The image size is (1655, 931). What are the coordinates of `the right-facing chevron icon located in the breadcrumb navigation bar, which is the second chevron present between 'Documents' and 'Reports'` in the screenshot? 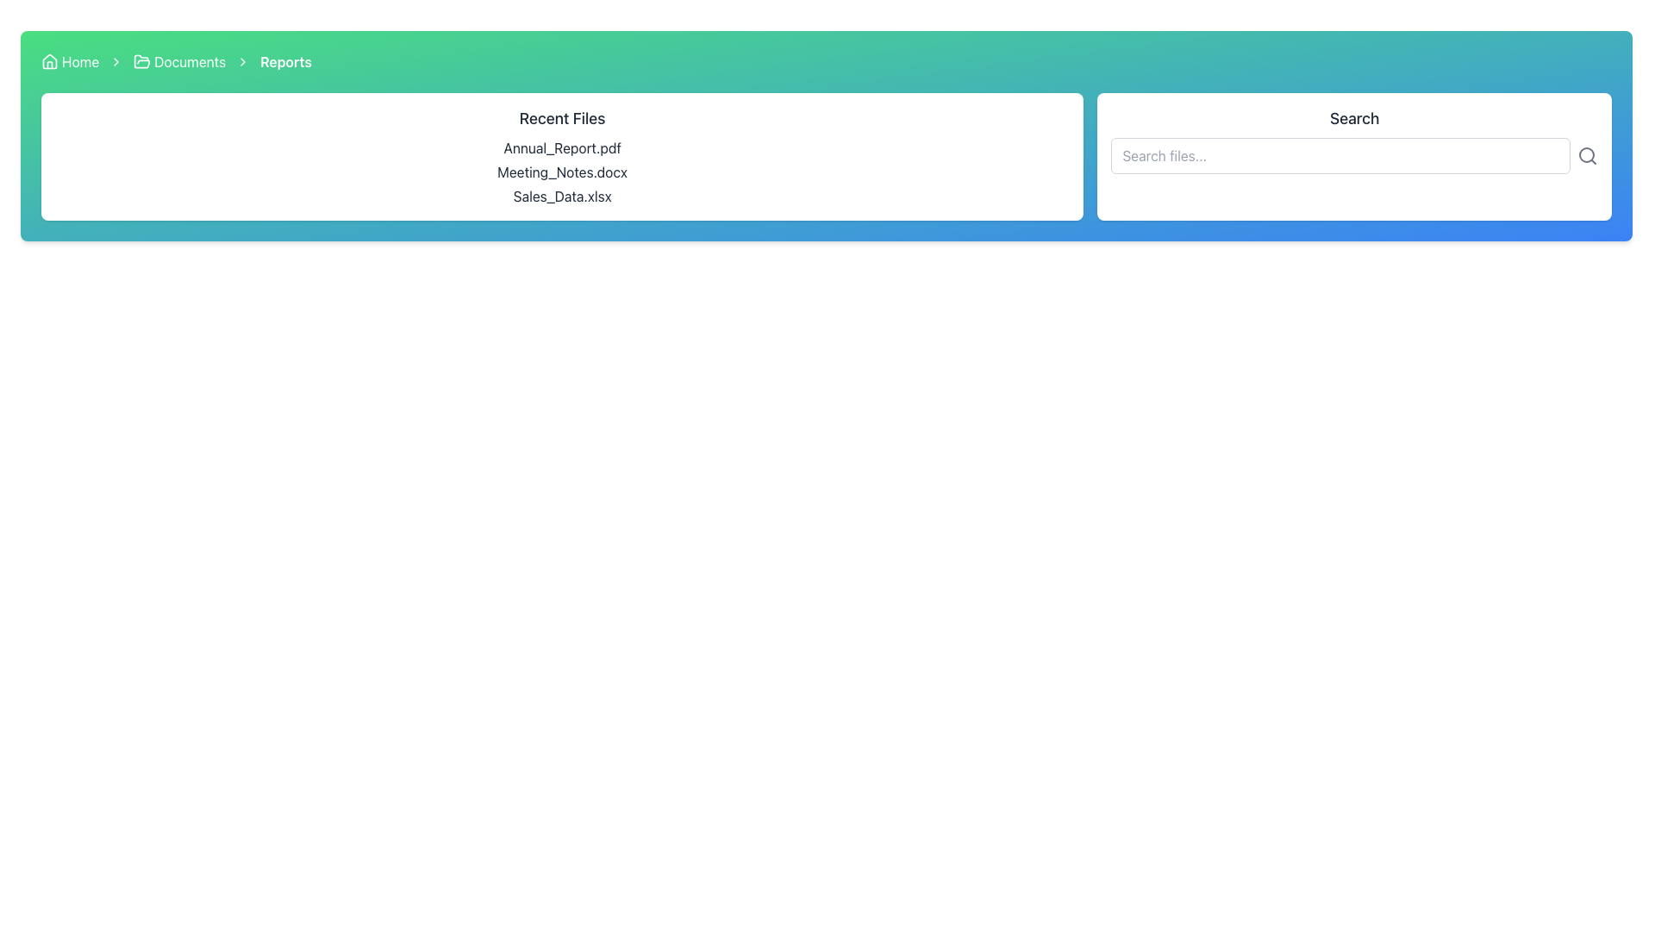 It's located at (116, 61).